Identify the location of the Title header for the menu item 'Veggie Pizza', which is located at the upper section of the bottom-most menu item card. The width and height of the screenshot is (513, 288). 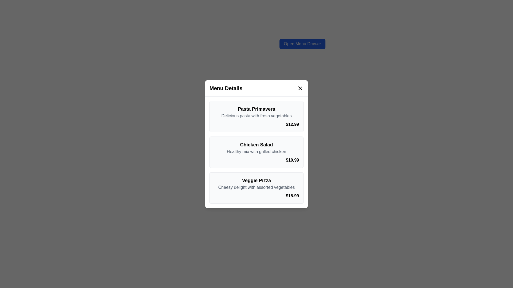
(256, 180).